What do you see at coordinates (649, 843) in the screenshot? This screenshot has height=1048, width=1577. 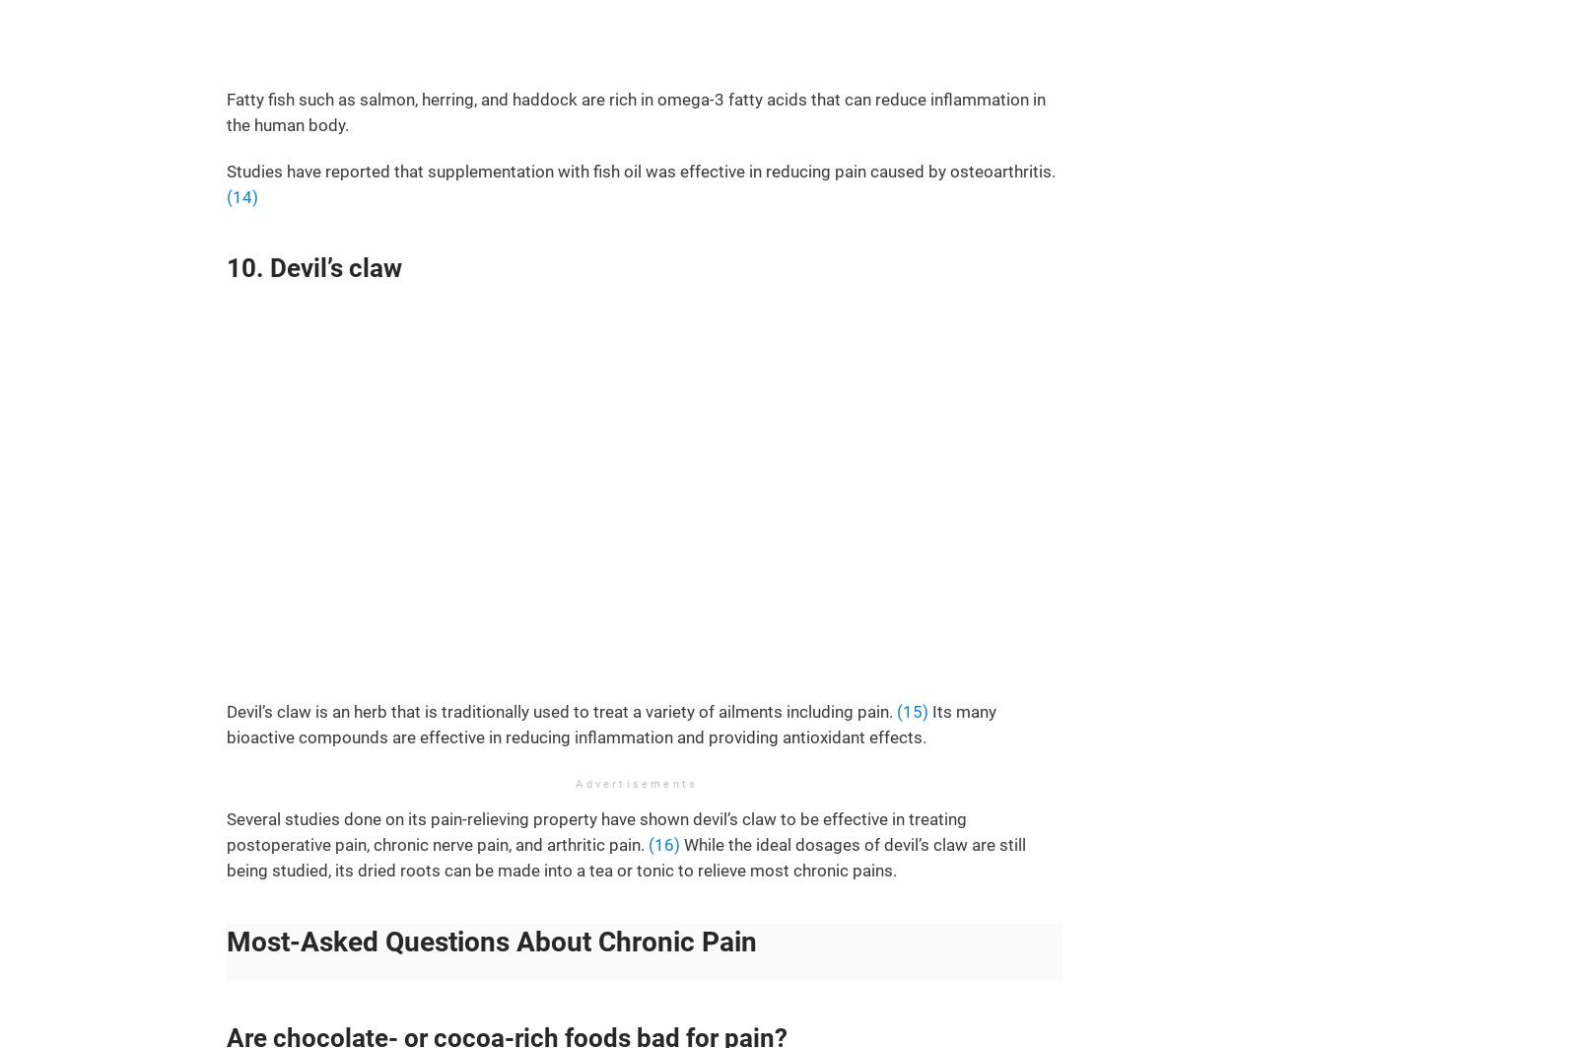 I see `'(16)'` at bounding box center [649, 843].